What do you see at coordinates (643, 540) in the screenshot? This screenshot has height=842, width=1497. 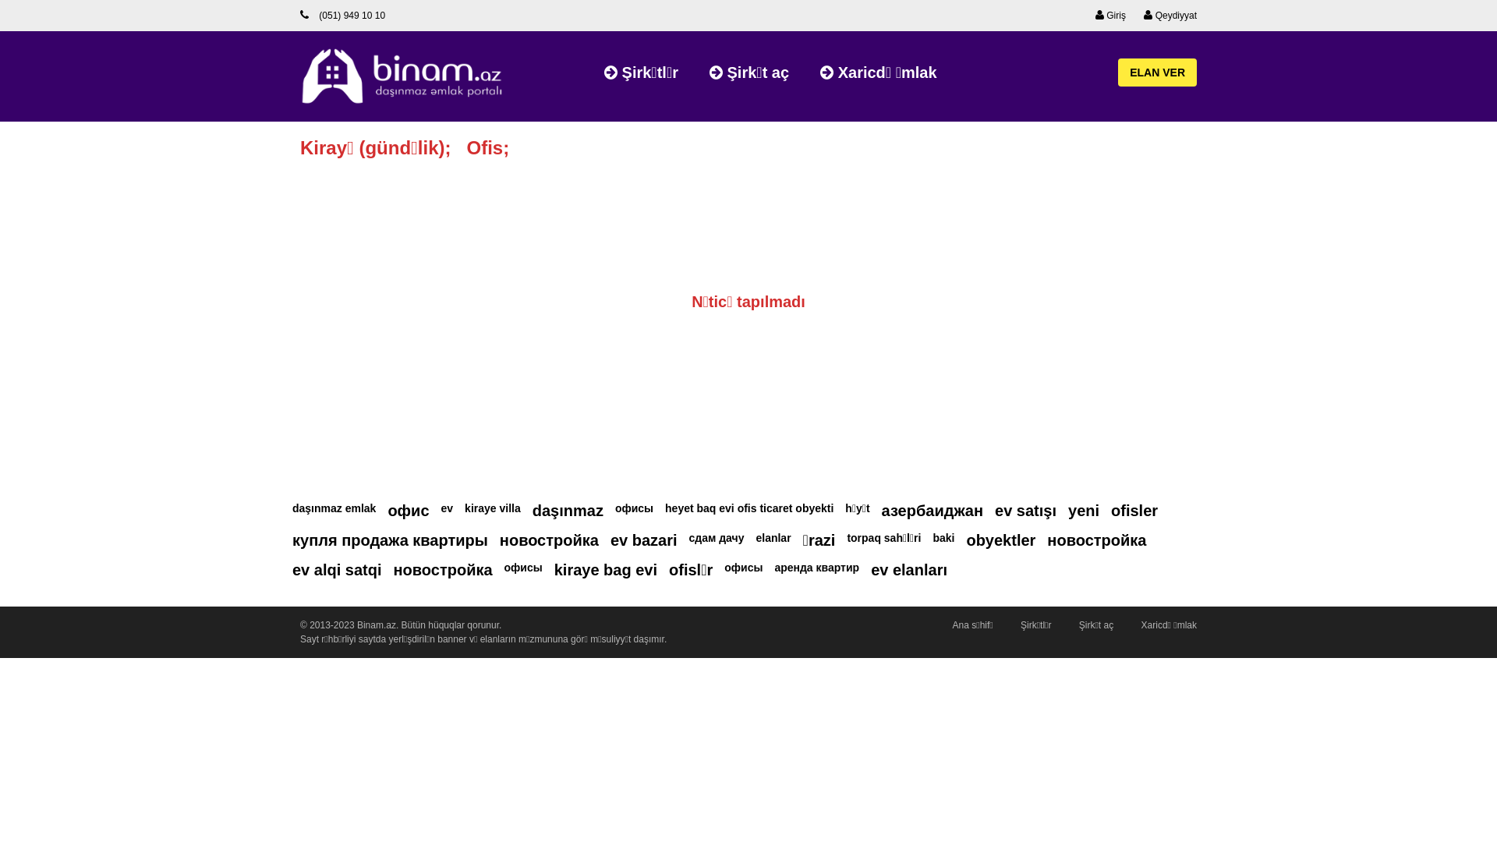 I see `'ev bazari'` at bounding box center [643, 540].